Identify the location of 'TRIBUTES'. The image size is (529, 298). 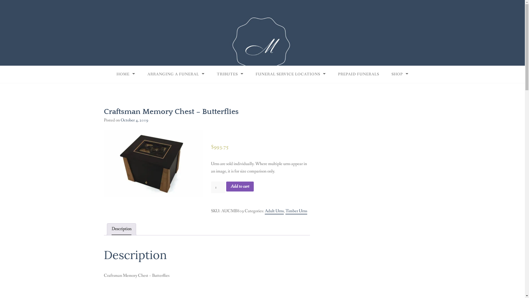
(230, 74).